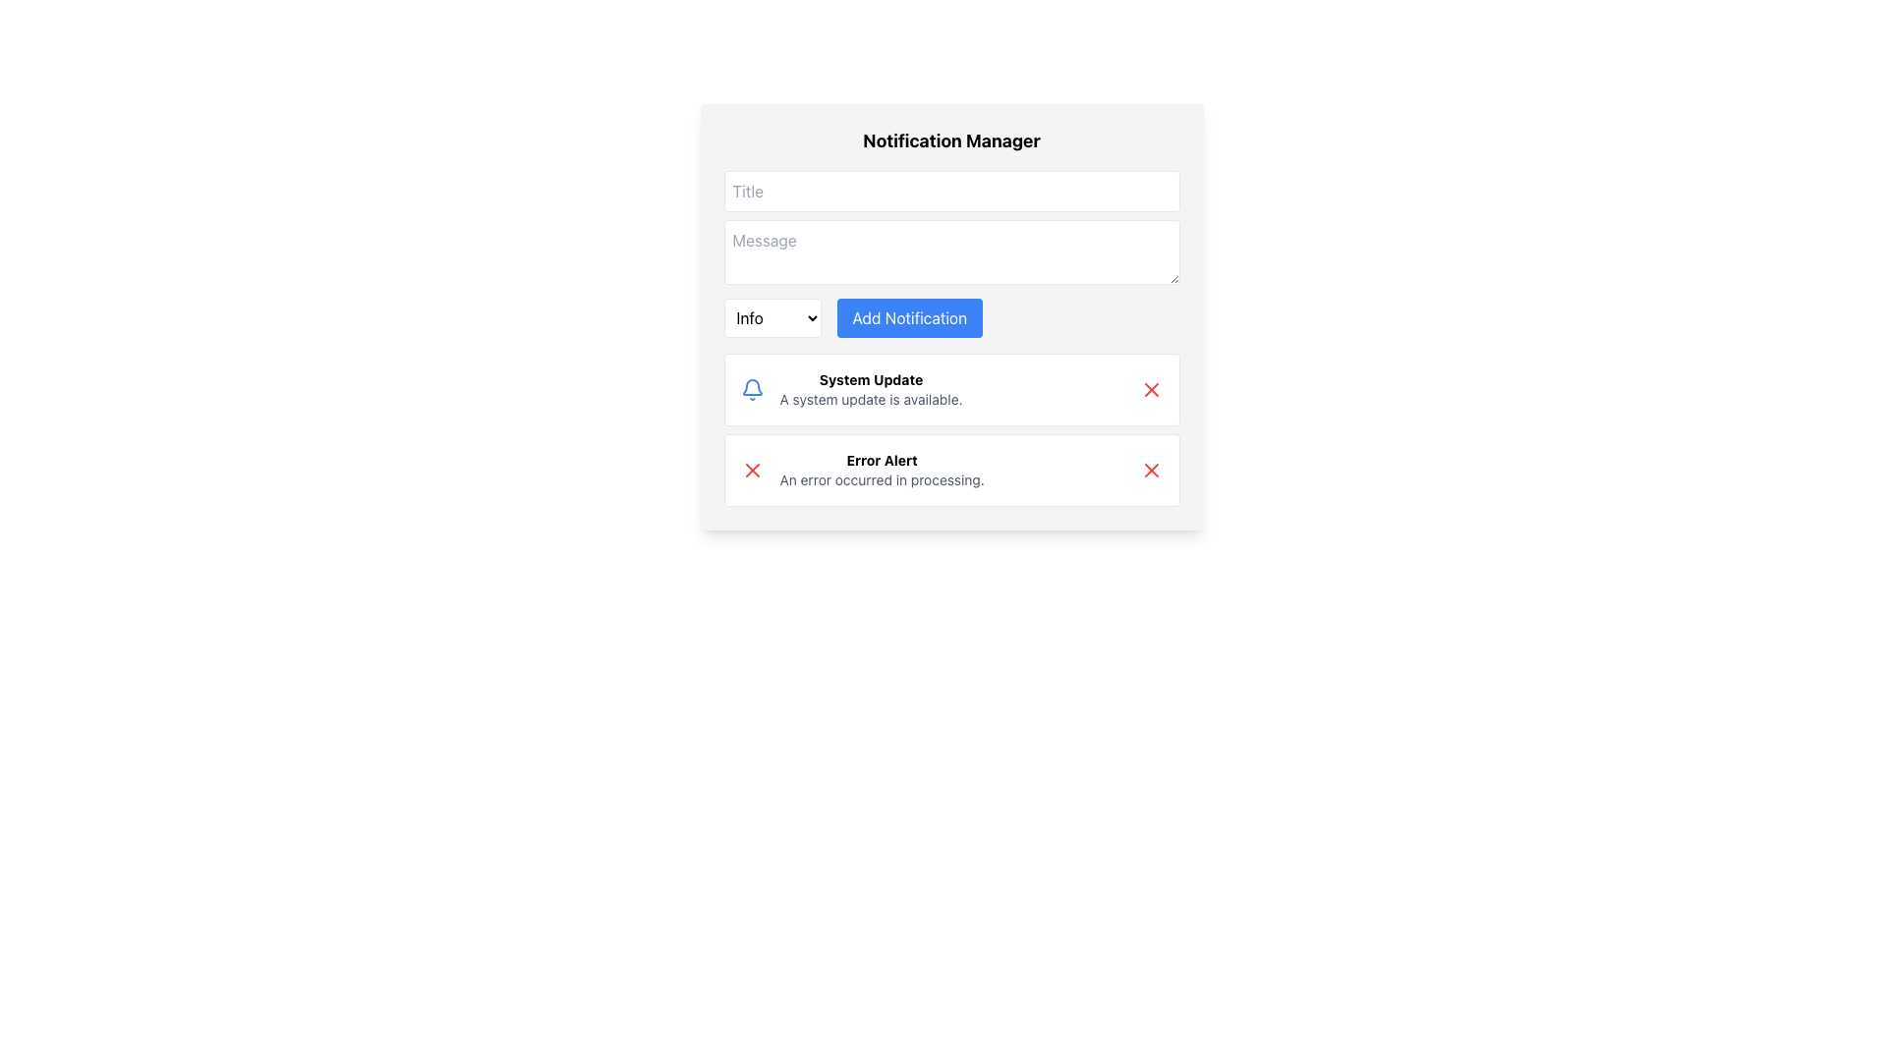  I want to click on the text label displaying 'Error Alert', which is bold and black, located in the notification panel above the description text and to the right of the red delete icon, so click(881, 461).